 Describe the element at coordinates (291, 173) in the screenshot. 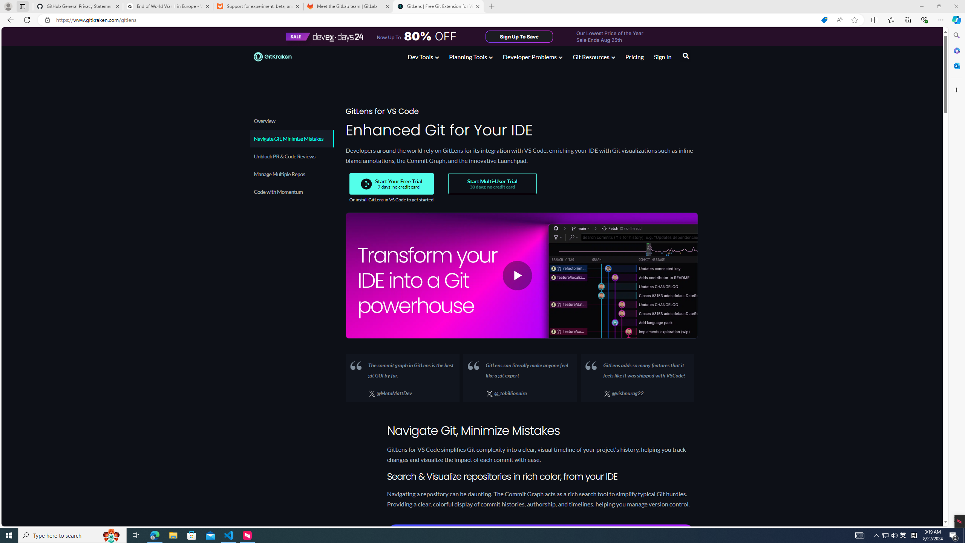

I see `'Manage Multiple Repos'` at that location.